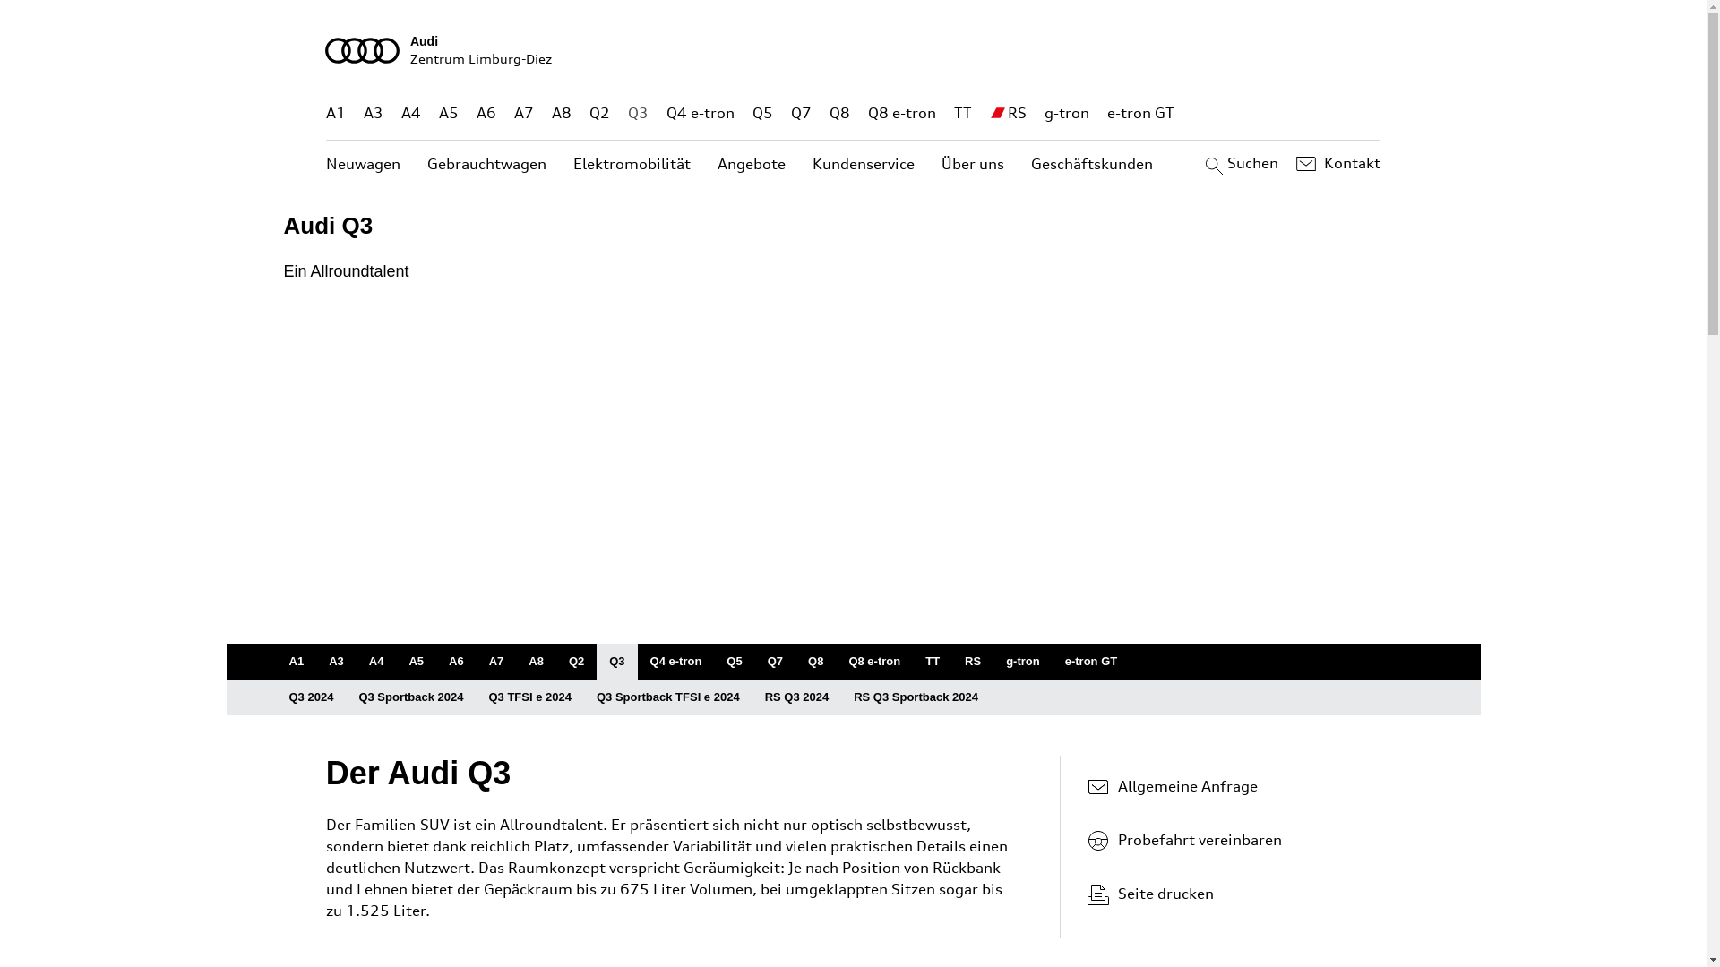  Describe the element at coordinates (375, 662) in the screenshot. I see `'A4'` at that location.